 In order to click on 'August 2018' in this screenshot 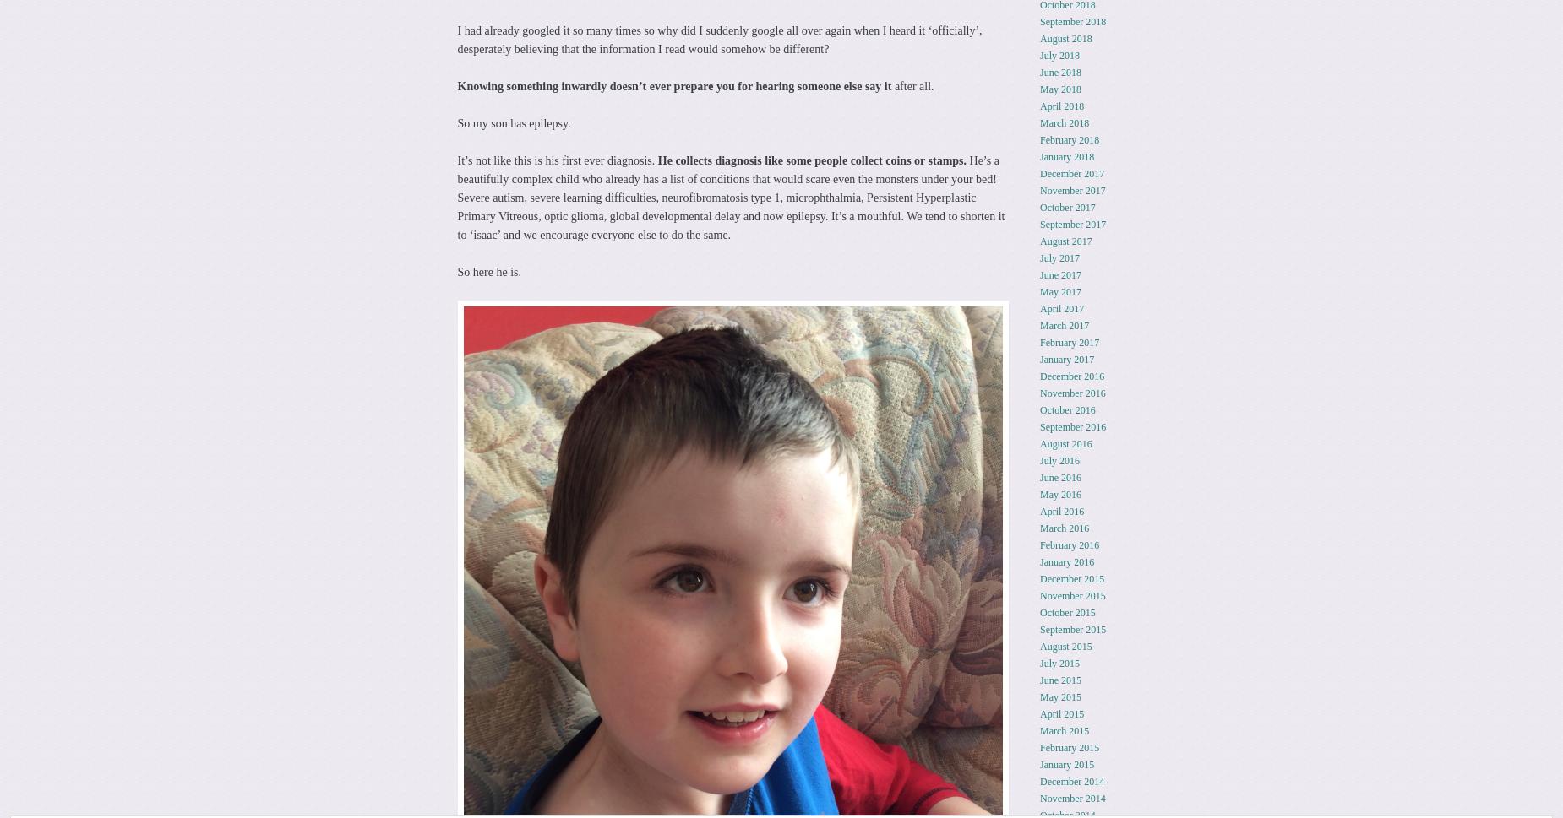, I will do `click(1065, 37)`.